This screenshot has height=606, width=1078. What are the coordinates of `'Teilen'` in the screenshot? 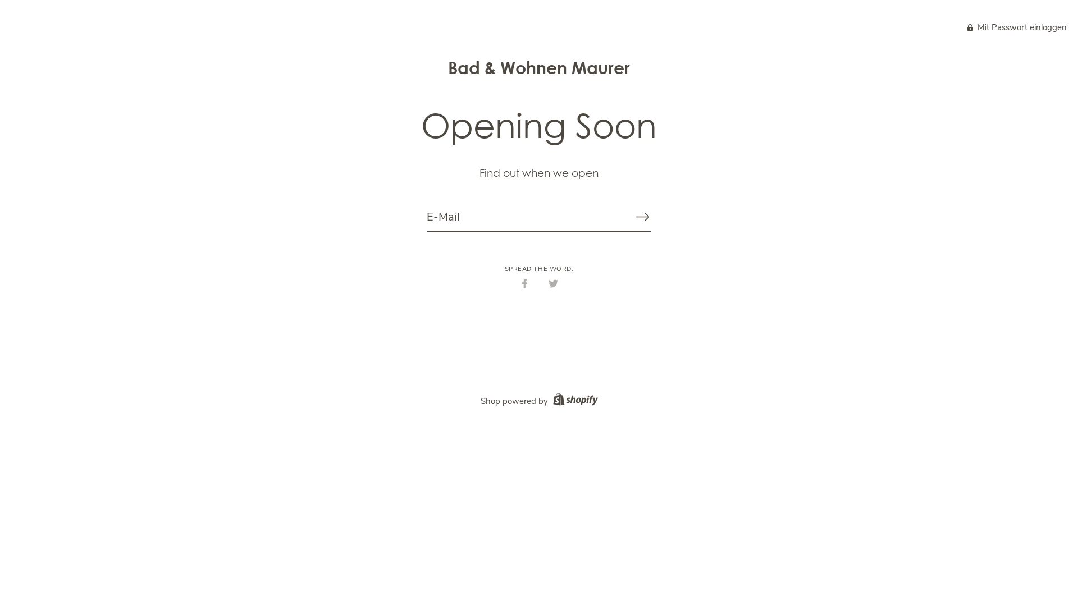 It's located at (519, 282).